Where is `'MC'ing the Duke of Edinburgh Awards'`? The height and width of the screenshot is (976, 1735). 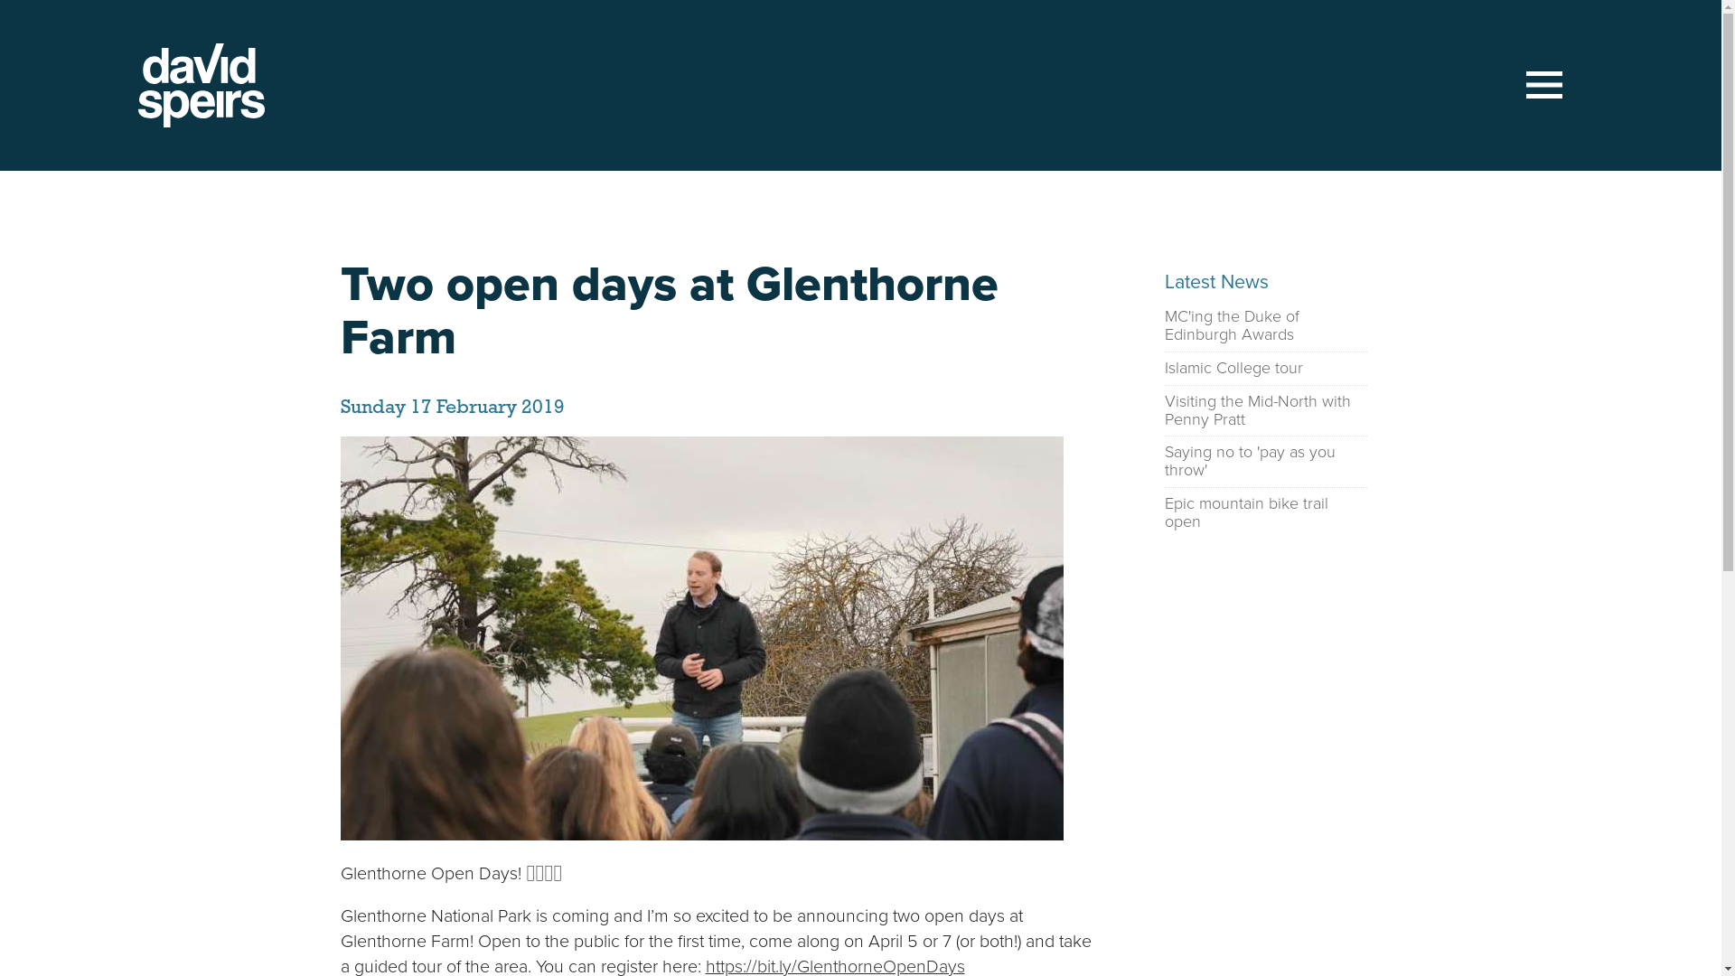 'MC'ing the Duke of Edinburgh Awards' is located at coordinates (1163, 326).